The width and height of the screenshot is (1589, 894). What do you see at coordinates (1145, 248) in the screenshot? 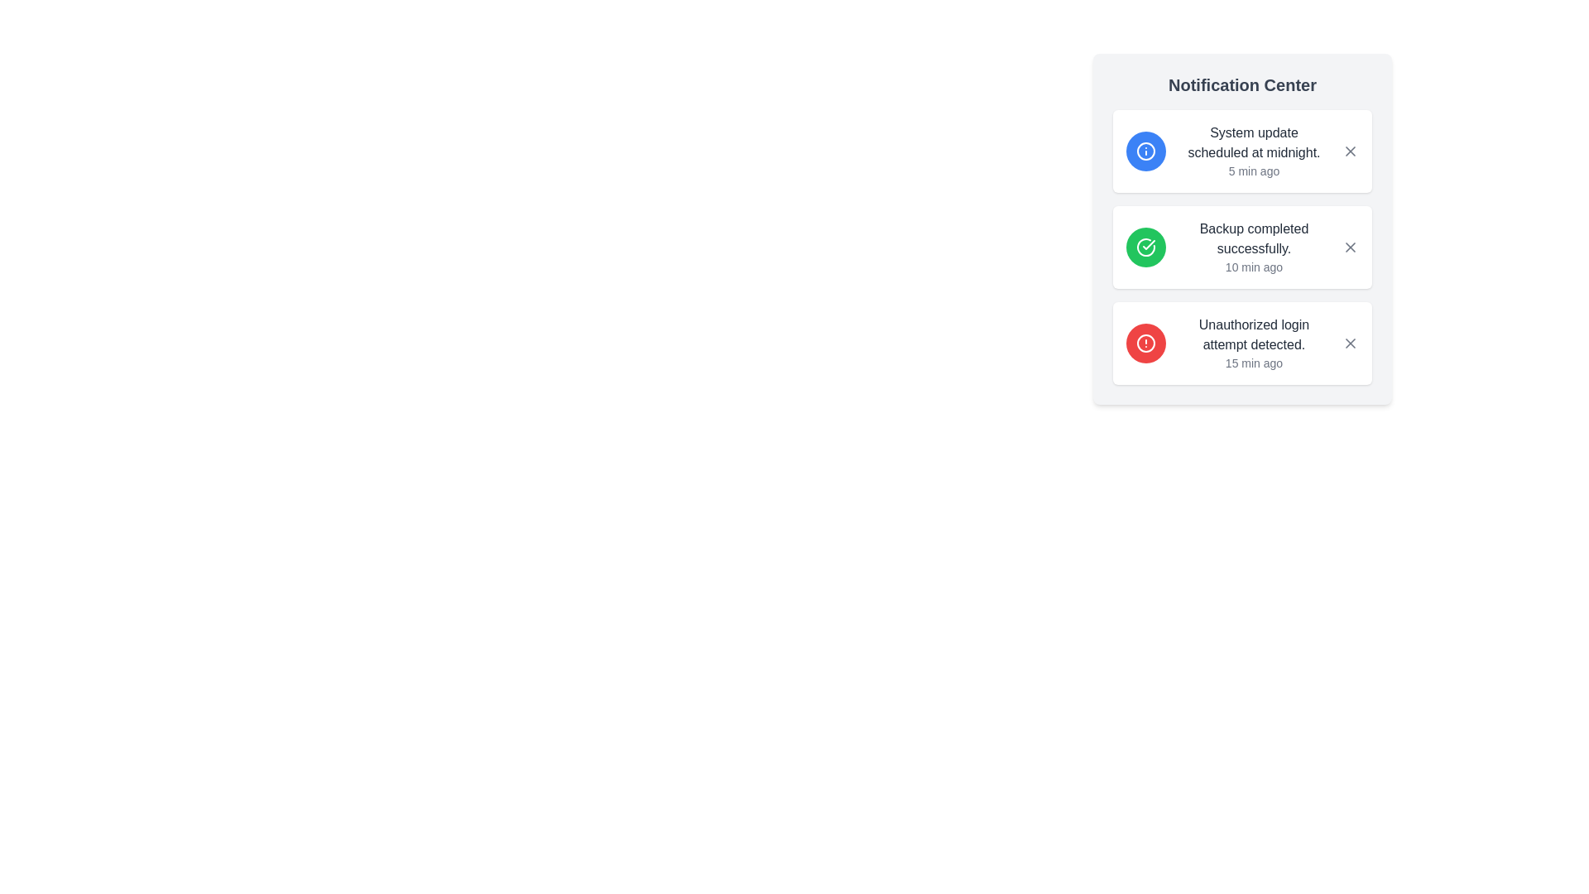
I see `the circular green glyph with a current-color stroke in the second notification entry of the notification card` at bounding box center [1145, 248].